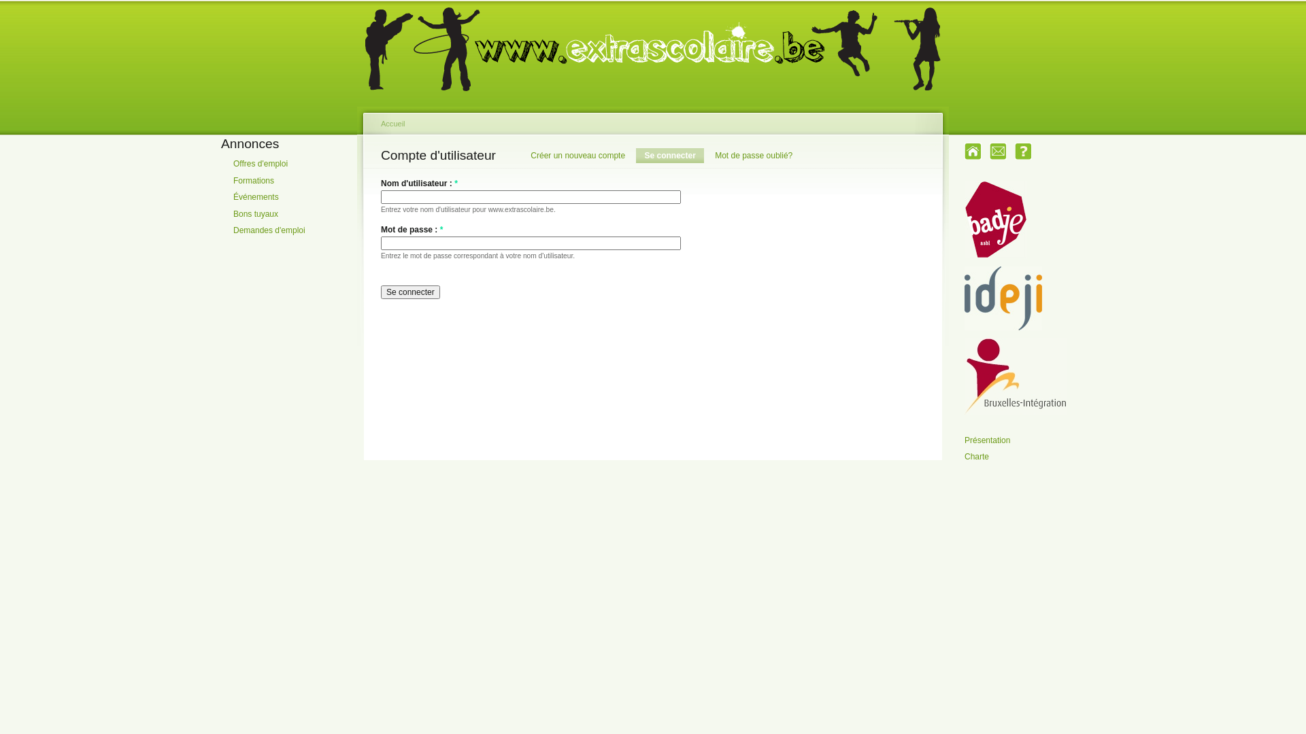  Describe the element at coordinates (1024, 456) in the screenshot. I see `'Charte'` at that location.